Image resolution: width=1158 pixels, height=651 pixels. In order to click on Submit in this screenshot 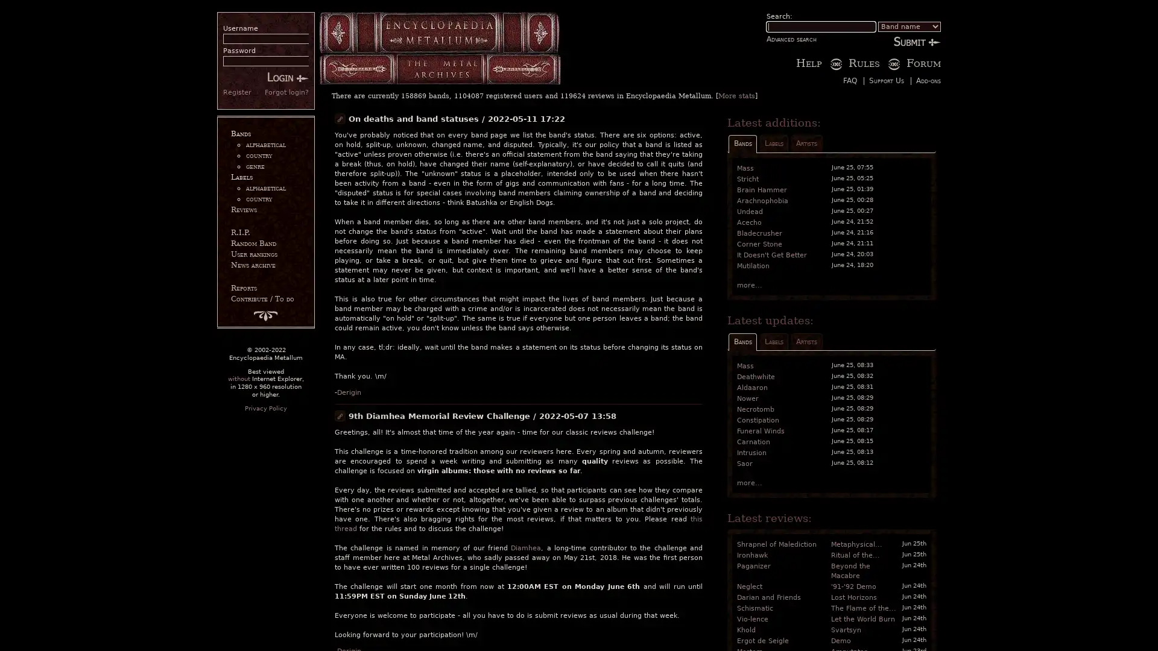, I will do `click(917, 41)`.